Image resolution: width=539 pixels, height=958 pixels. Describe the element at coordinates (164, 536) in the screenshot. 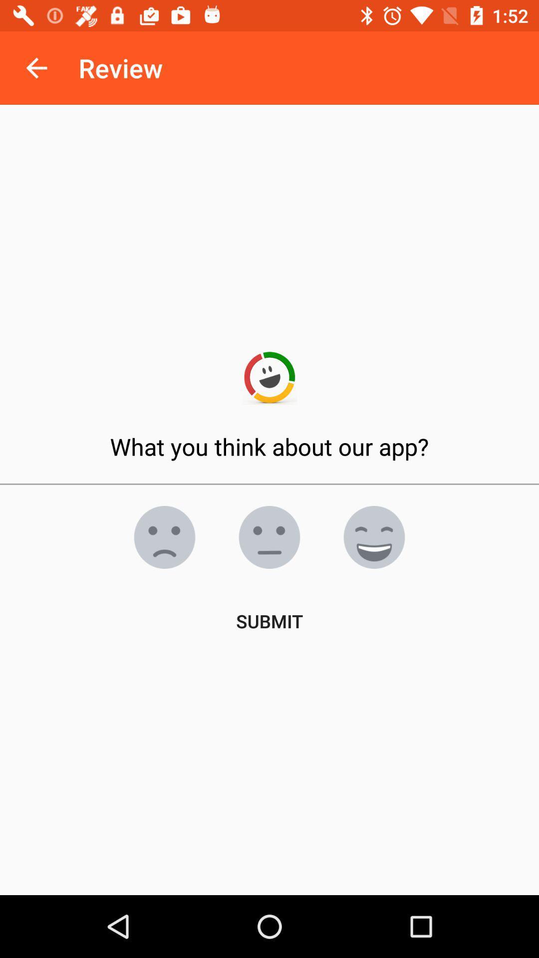

I see `negative review` at that location.